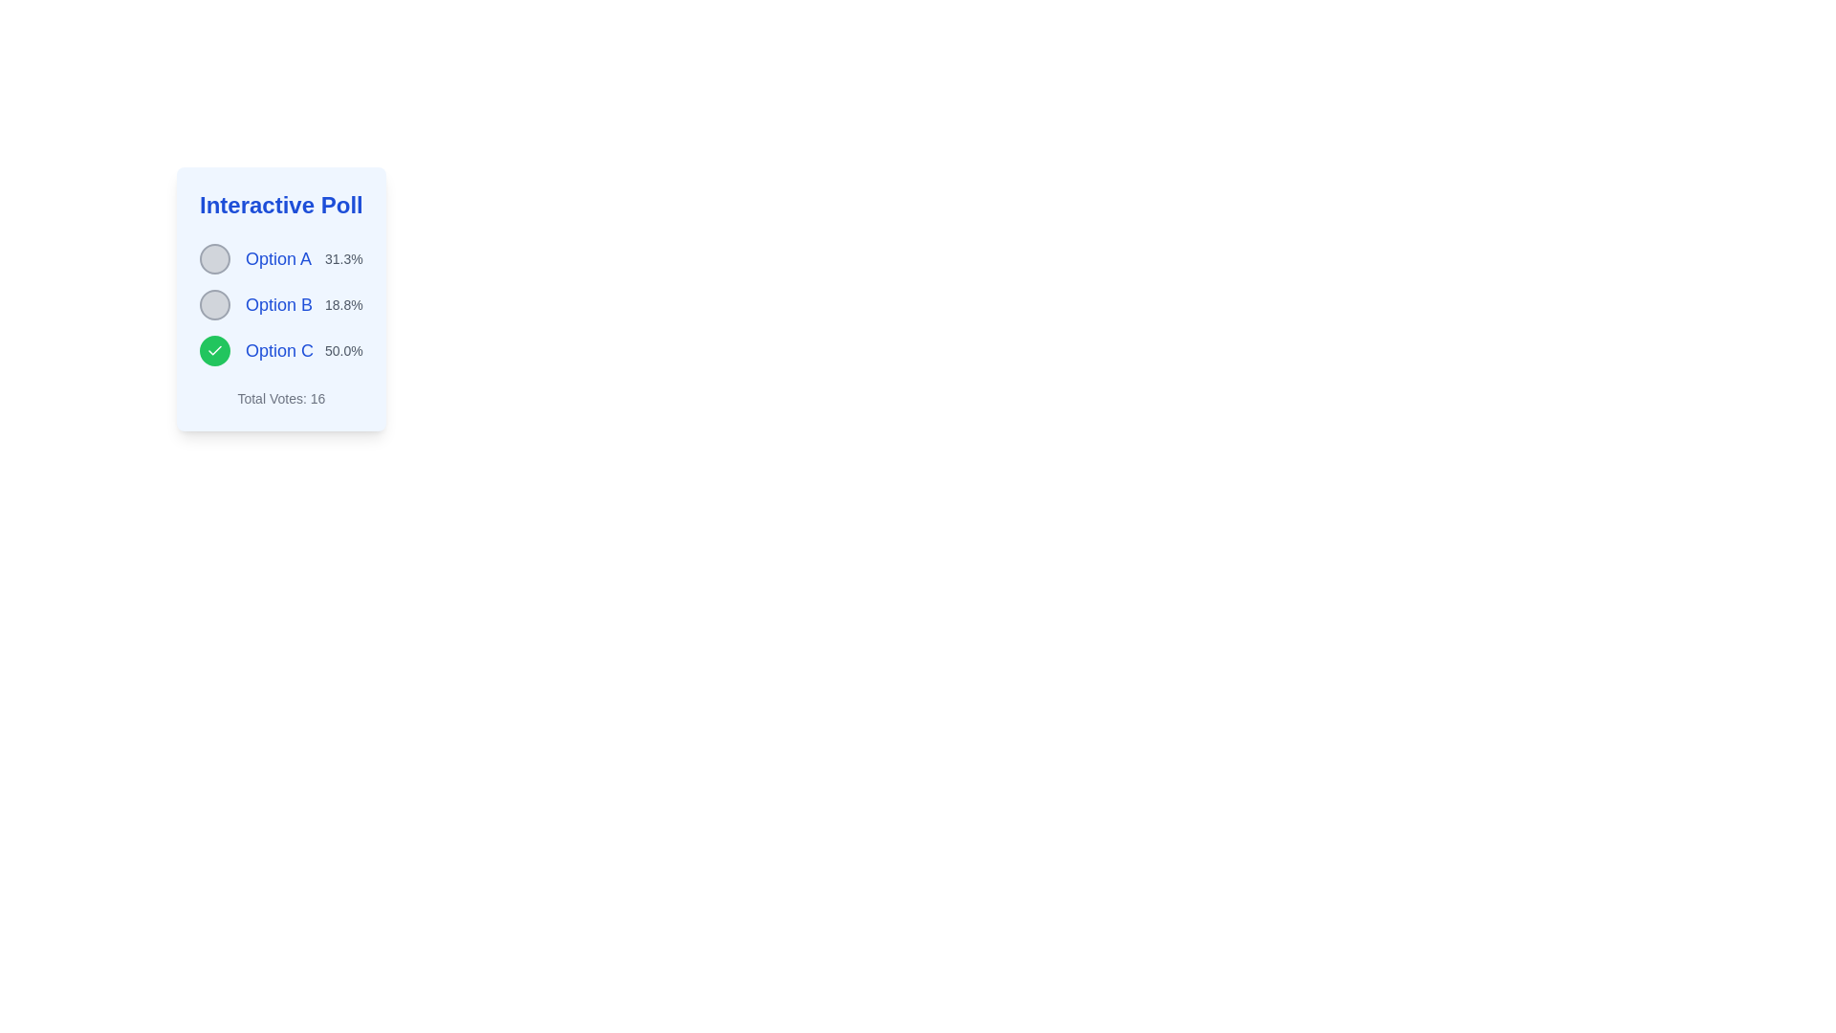 The image size is (1836, 1033). Describe the element at coordinates (280, 397) in the screenshot. I see `total number of votes displayed in the text located at the bottom of the poll card` at that location.